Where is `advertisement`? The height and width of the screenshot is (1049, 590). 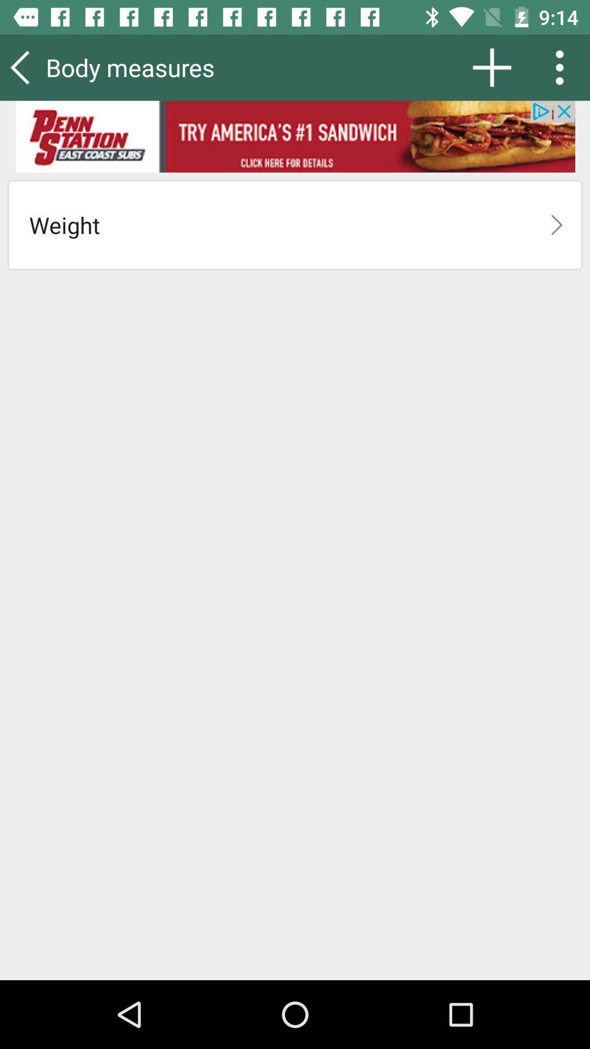
advertisement is located at coordinates (295, 136).